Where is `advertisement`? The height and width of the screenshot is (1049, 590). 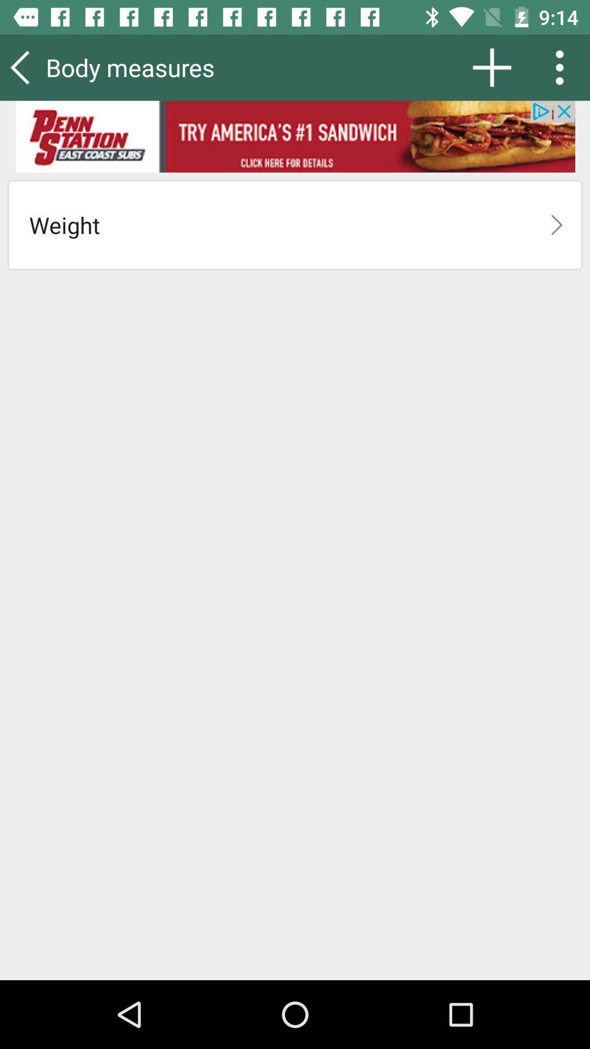
advertisement is located at coordinates (295, 136).